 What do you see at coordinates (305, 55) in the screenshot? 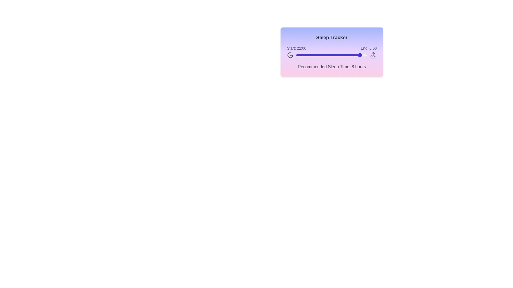
I see `the sleep time slider to set the start time to 3` at bounding box center [305, 55].